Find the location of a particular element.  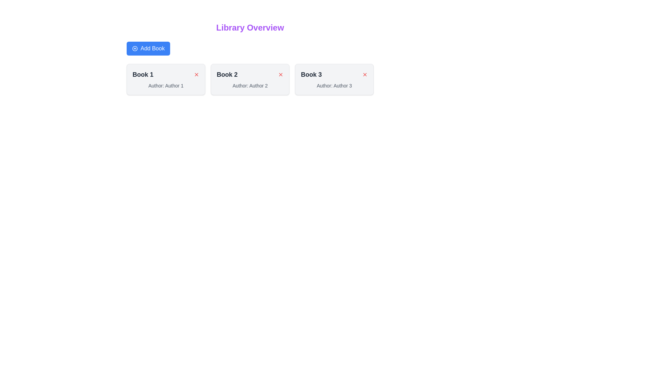

the small, circular '+' icon within the blue 'Add Book' button located at the top-left corner of the library interface is located at coordinates (135, 48).